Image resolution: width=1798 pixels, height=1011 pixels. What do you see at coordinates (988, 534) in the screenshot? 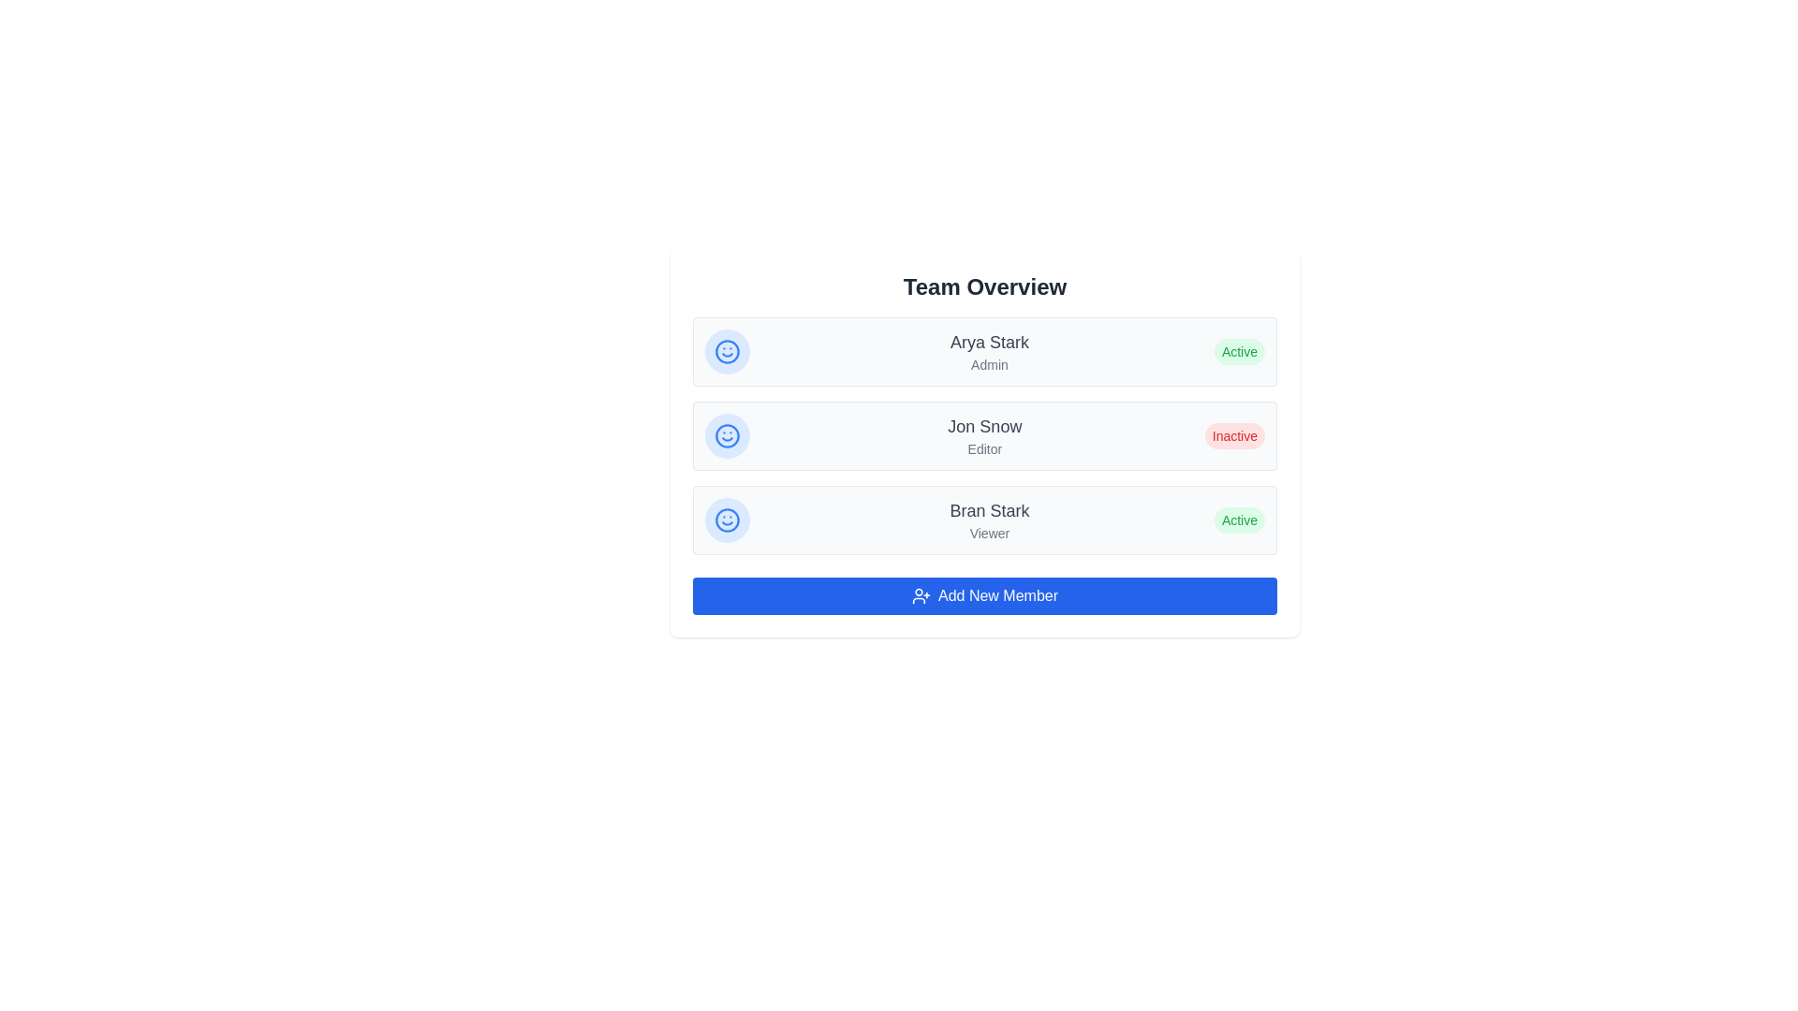
I see `the small gray text label displaying 'Viewer' located beneath the title 'Bran Stark' in the third row of the list` at bounding box center [988, 534].